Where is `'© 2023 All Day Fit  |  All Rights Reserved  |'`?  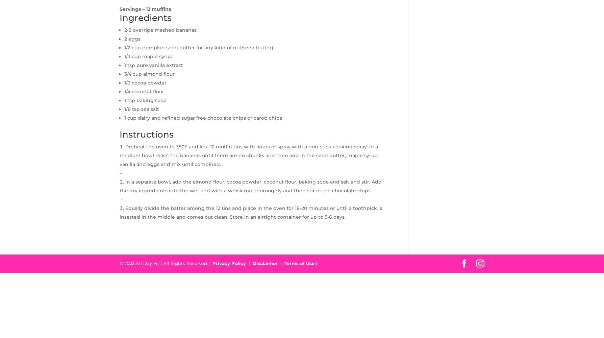 '© 2023 All Day Fit  |  All Rights Reserved  |' is located at coordinates (166, 263).